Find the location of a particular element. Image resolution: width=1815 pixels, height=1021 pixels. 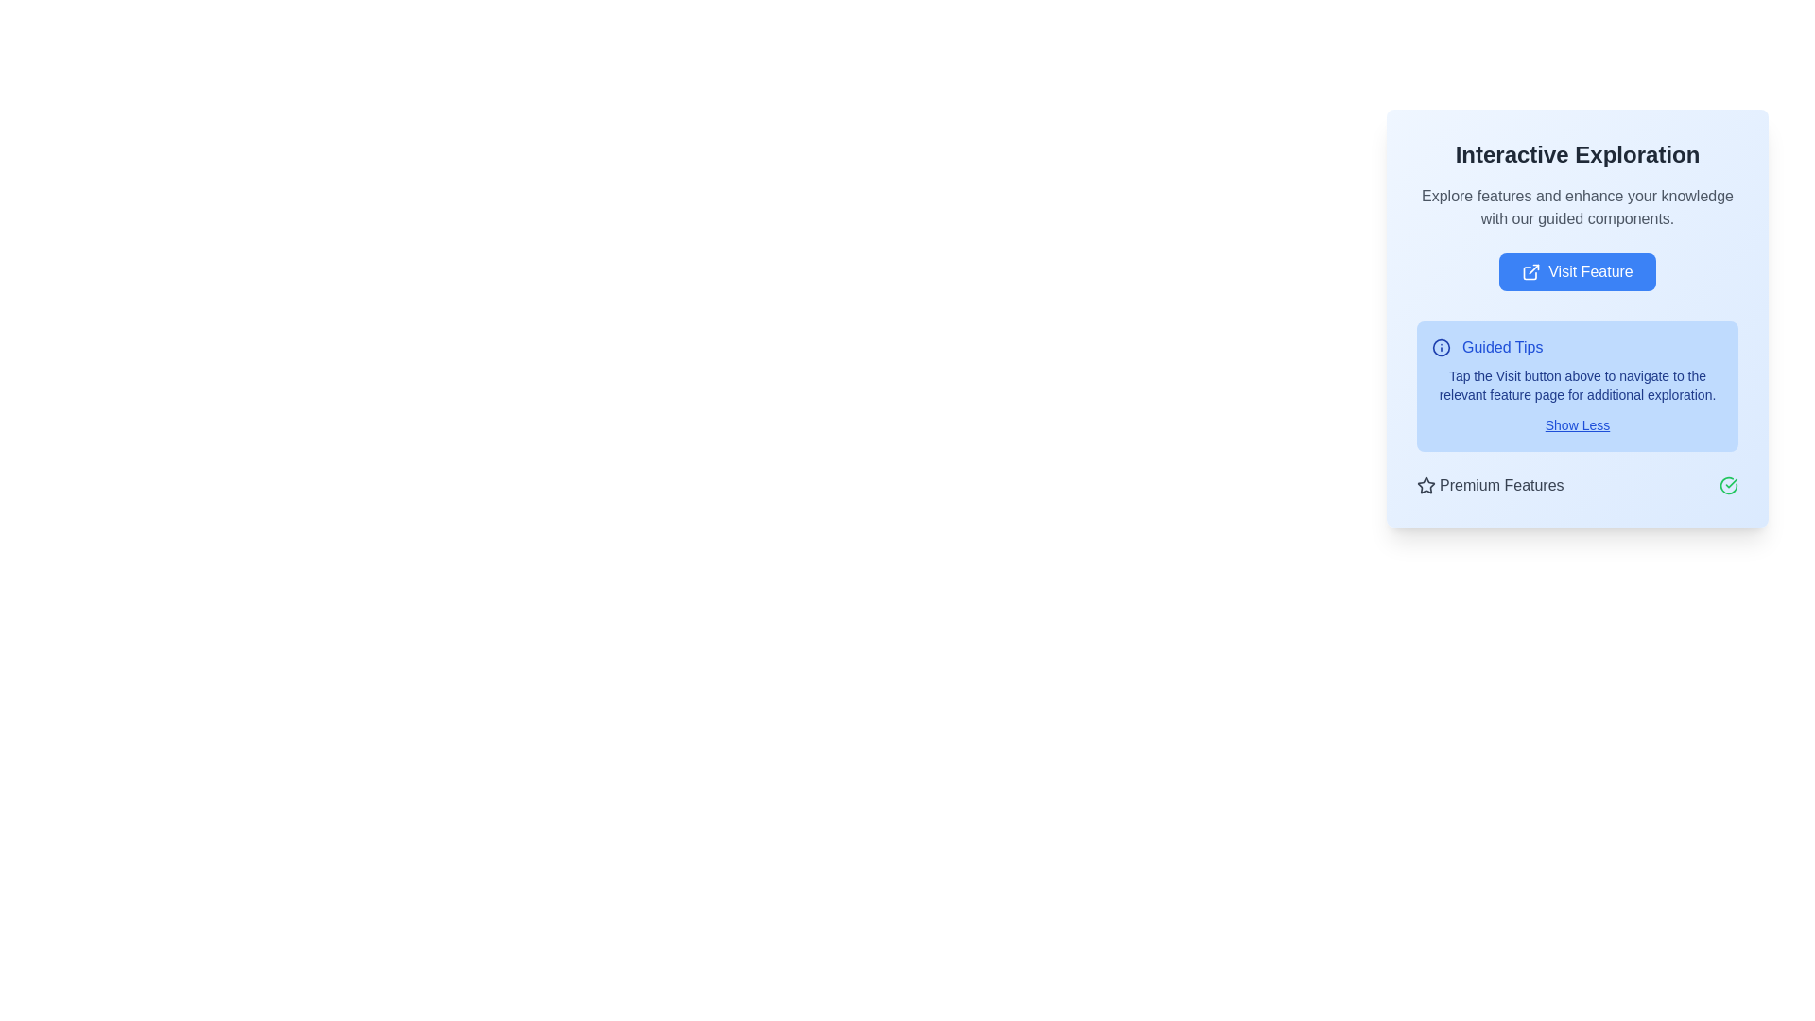

the green SVG icon with a checkmark that is placed to the right of the text 'Premium Features' is located at coordinates (1728, 484).